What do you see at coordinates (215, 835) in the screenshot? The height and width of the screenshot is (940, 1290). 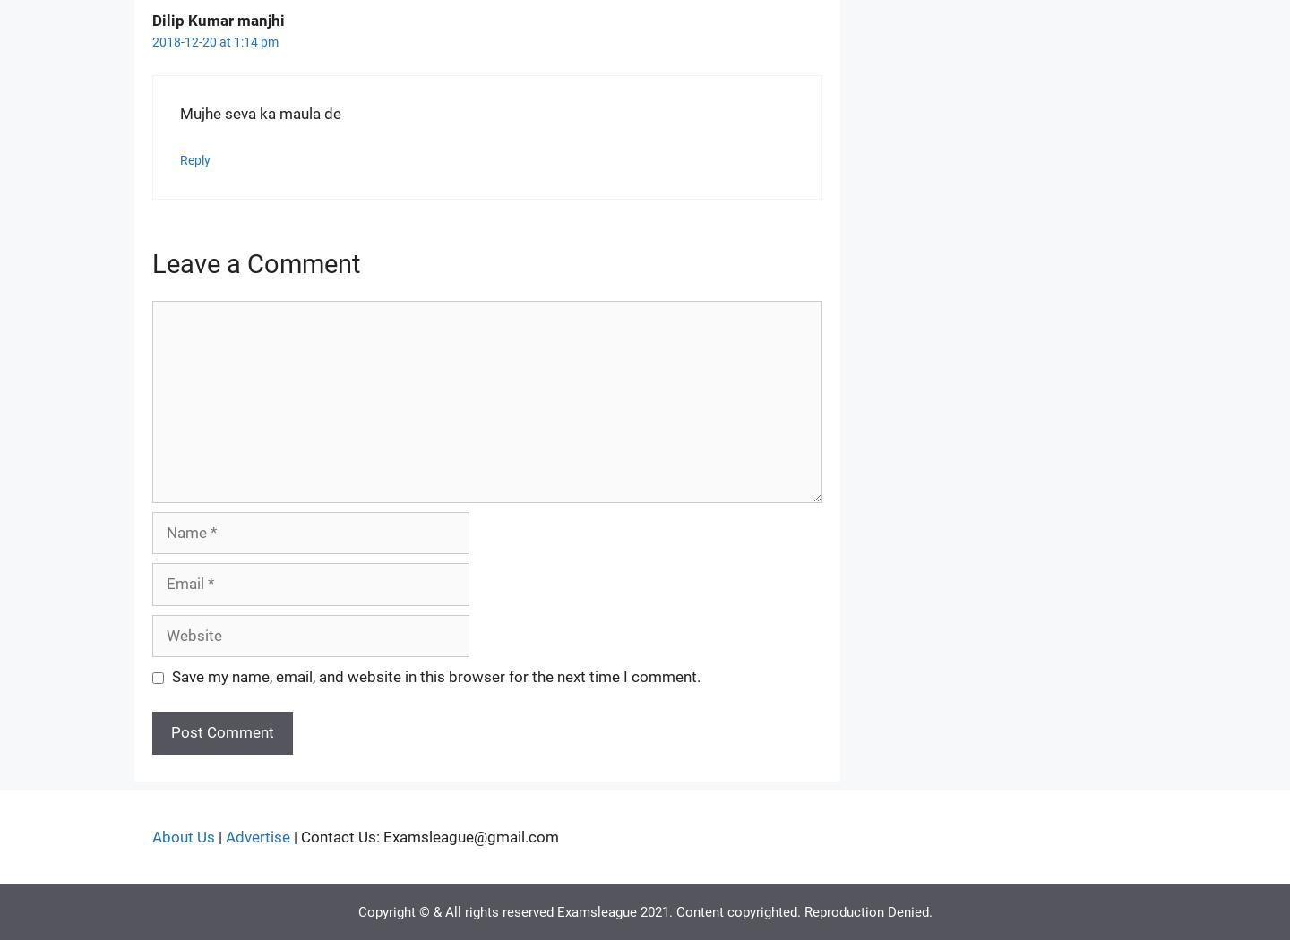 I see `'|'` at bounding box center [215, 835].